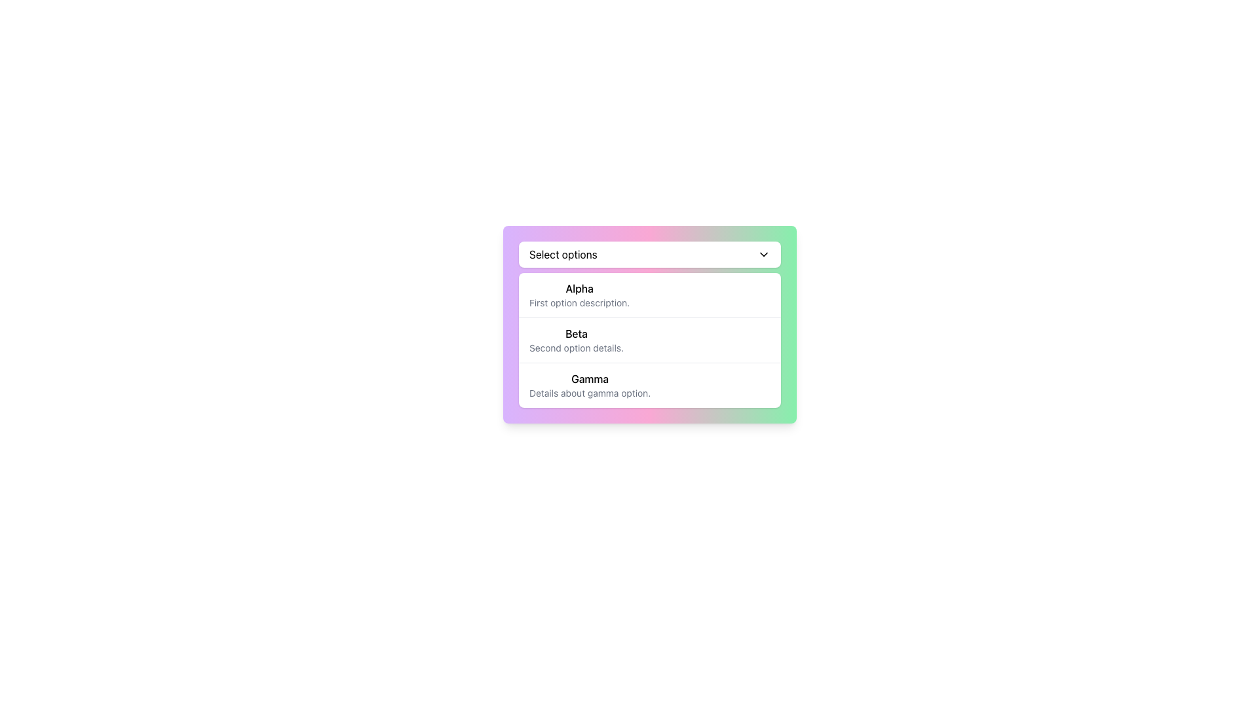  I want to click on descriptive text label that explains the 'Alpha' option in the dropdown menu, located beneath the title 'Alpha', so click(579, 302).